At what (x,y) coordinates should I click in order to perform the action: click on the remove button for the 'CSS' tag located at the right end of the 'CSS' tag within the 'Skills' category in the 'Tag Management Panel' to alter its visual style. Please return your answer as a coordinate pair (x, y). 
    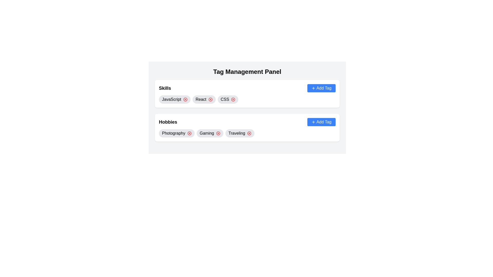
    Looking at the image, I should click on (233, 100).